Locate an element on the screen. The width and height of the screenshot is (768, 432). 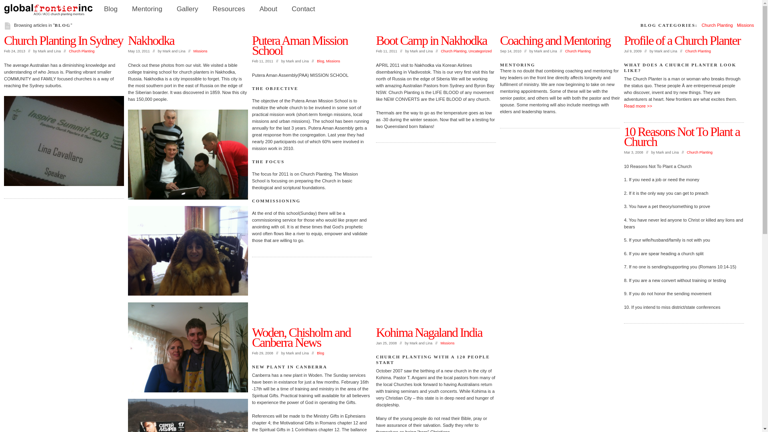
'Mentoring' is located at coordinates (147, 9).